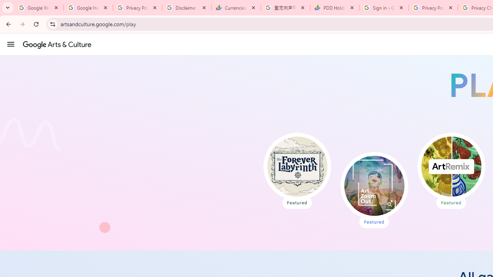 The height and width of the screenshot is (277, 493). I want to click on 'Art Zoom Out', so click(374, 186).